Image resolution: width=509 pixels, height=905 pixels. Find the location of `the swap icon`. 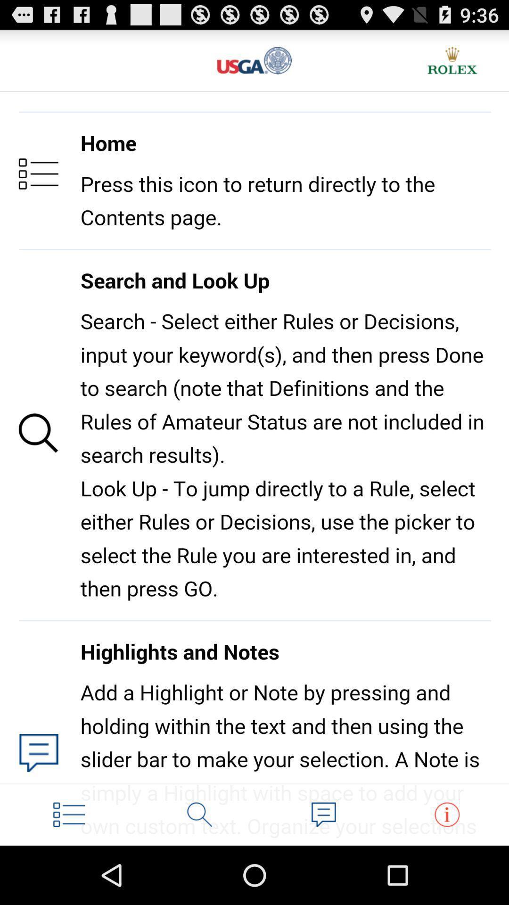

the swap icon is located at coordinates (446, 871).